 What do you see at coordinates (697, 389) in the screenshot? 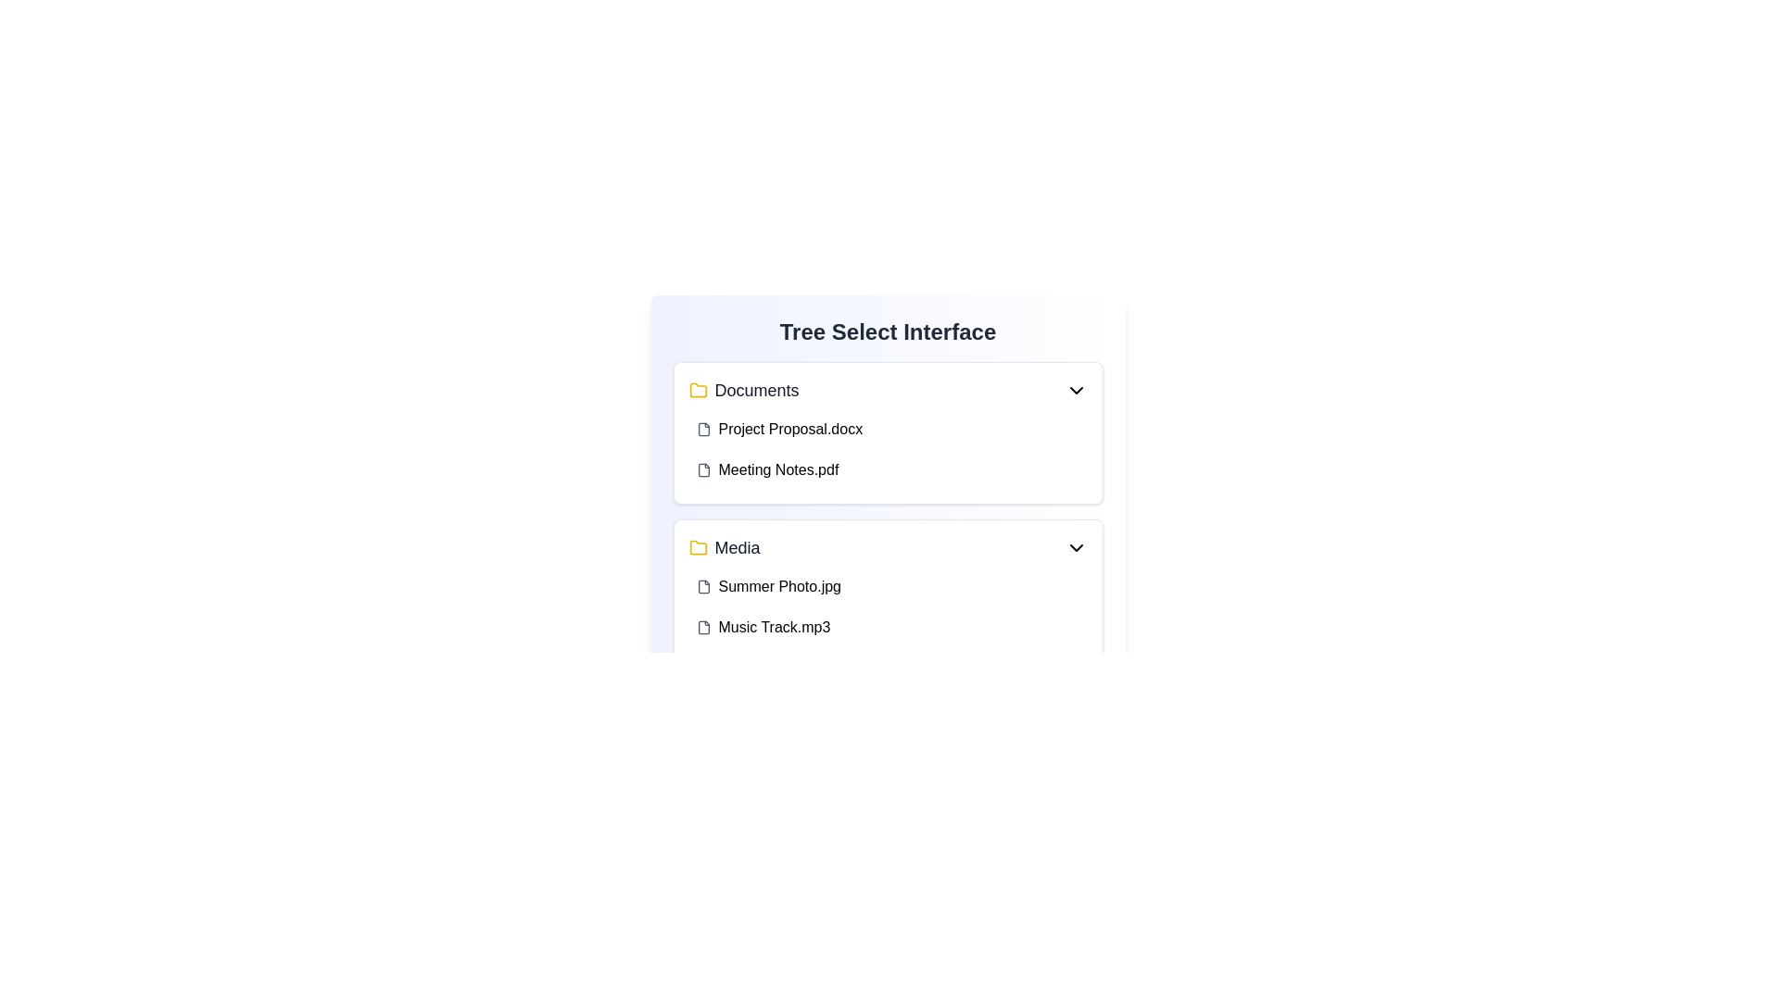
I see `the 'Documents' folder icon located at the beginning of the 'Documents' row in the Tree Select Interface` at bounding box center [697, 389].